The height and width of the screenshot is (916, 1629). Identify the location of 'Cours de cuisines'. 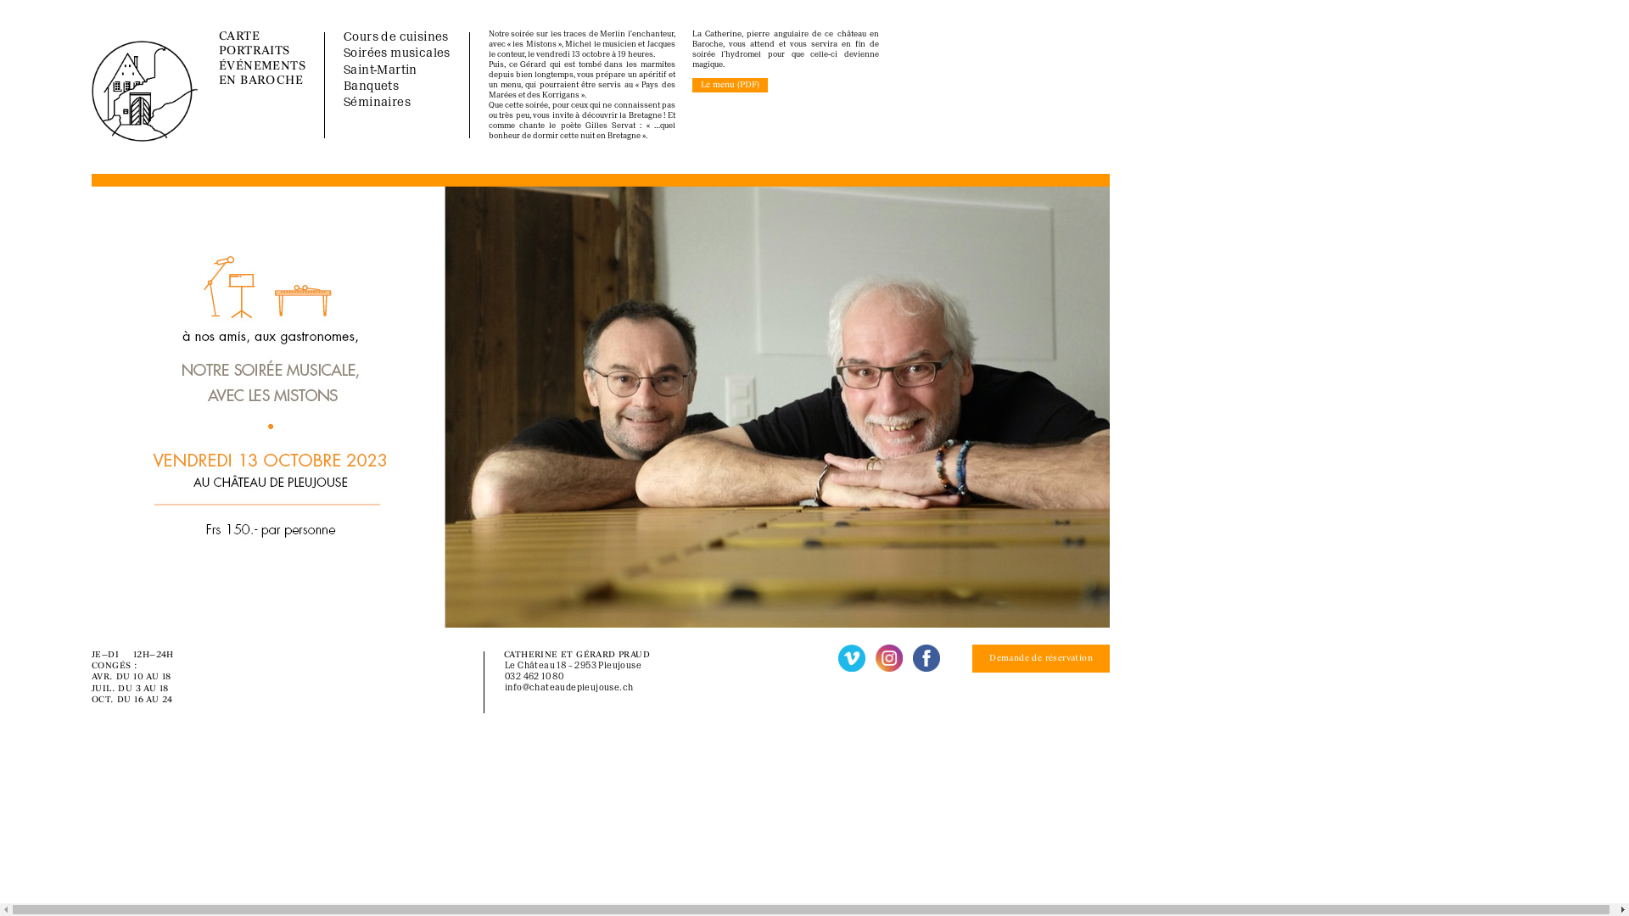
(395, 37).